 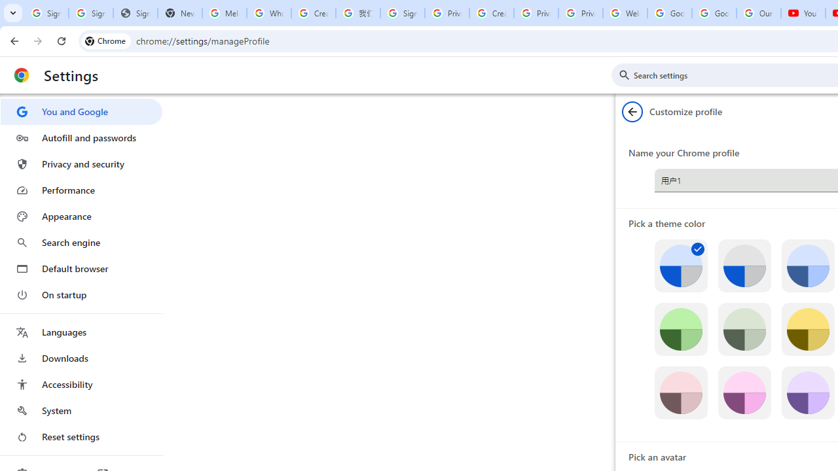 What do you see at coordinates (81, 111) in the screenshot?
I see `'You and Google'` at bounding box center [81, 111].